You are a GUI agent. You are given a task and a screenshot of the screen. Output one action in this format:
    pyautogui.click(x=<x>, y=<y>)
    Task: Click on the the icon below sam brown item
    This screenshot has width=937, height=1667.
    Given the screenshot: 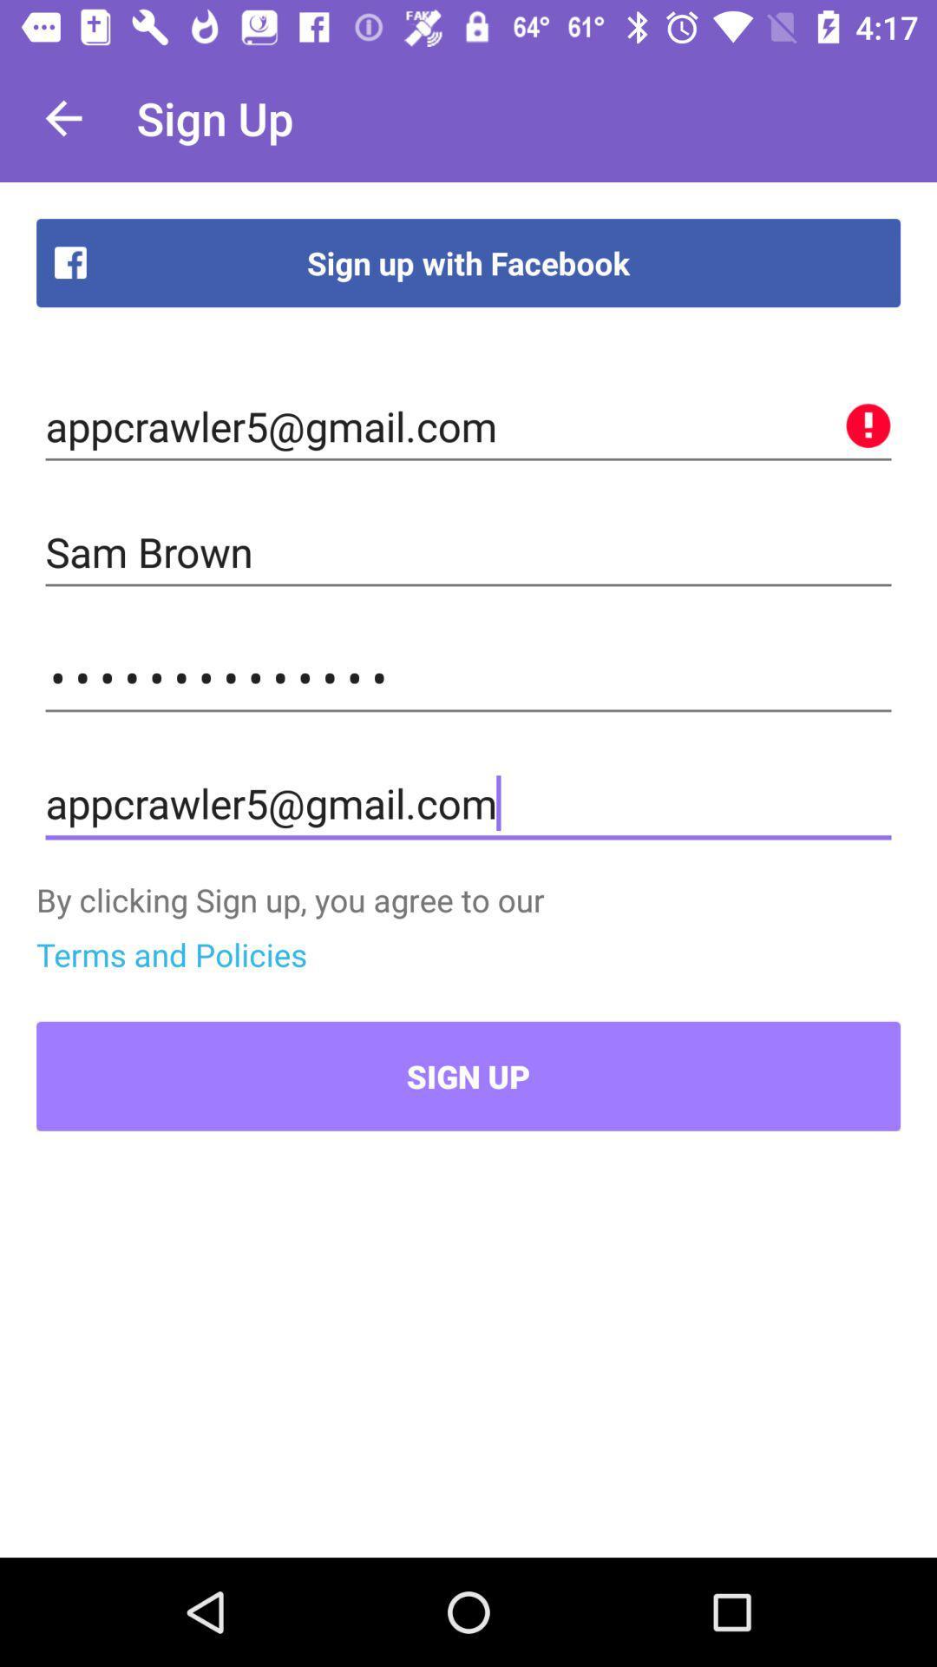 What is the action you would take?
    pyautogui.click(x=468, y=677)
    